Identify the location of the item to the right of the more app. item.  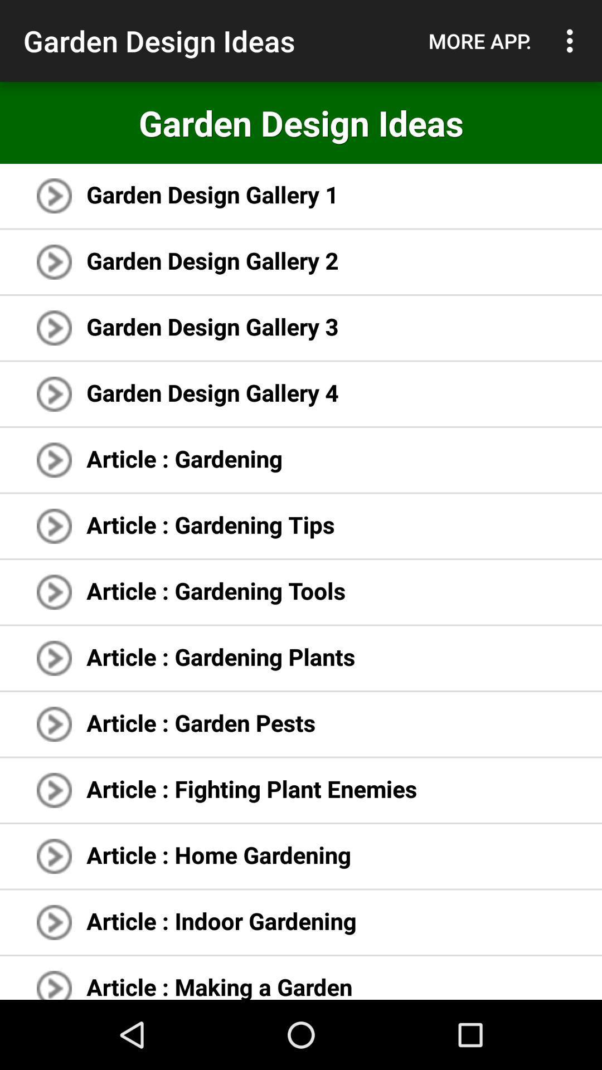
(572, 41).